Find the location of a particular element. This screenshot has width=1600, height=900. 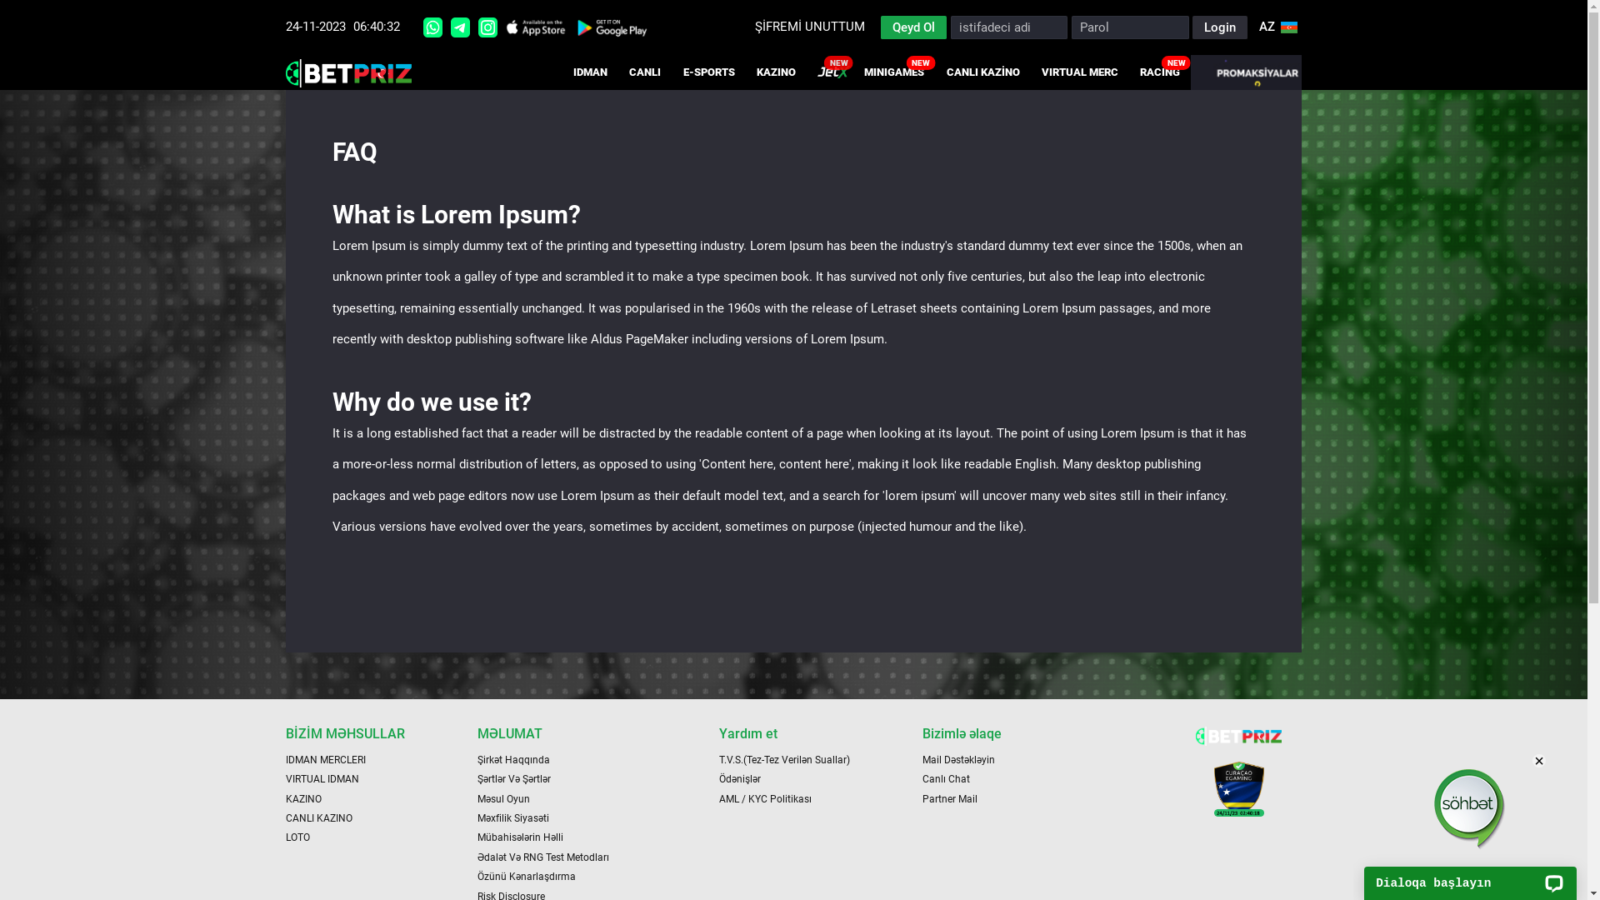

'IDMAN MERCLERI' is located at coordinates (325, 759).